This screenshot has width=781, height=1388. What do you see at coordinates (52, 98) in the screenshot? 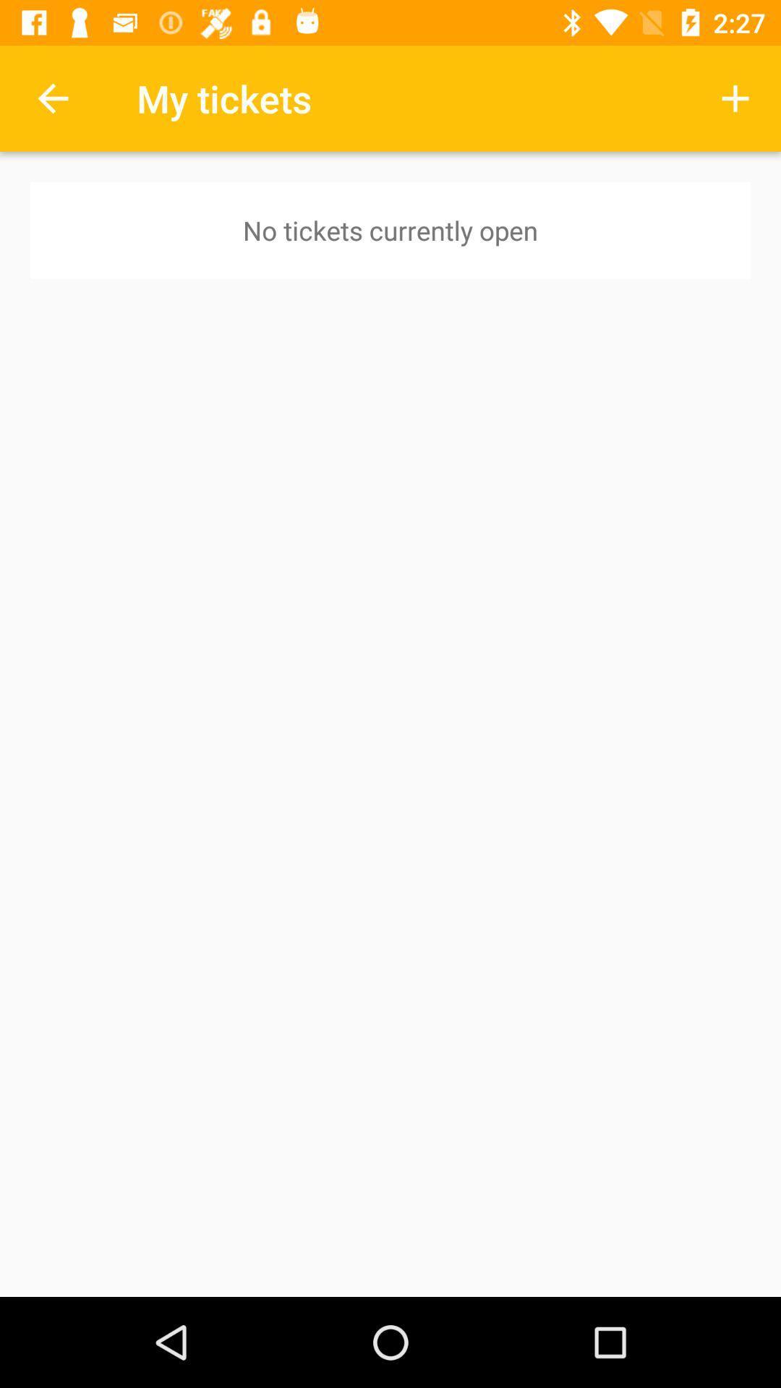
I see `icon to the left of the my tickets icon` at bounding box center [52, 98].